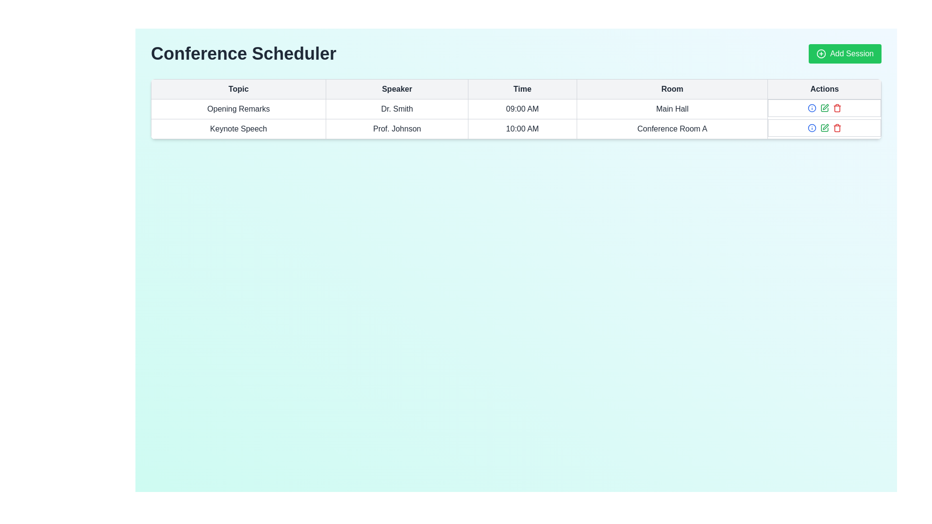  Describe the element at coordinates (397, 129) in the screenshot. I see `the 'Speaker' text label located in the second row of the table, which displays the name of the speaker for the corresponding event, positioned between 'Keynote Speech' and '10:00 AM'` at that location.